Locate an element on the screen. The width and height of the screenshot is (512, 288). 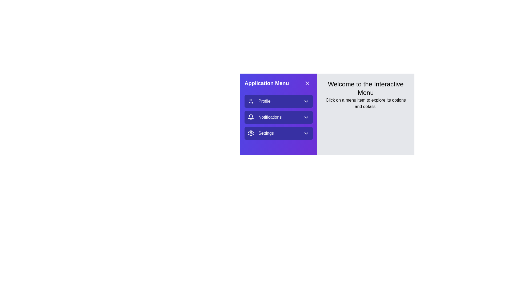
the 'Settings' button with a gear icon located in the application menu is located at coordinates (261, 133).